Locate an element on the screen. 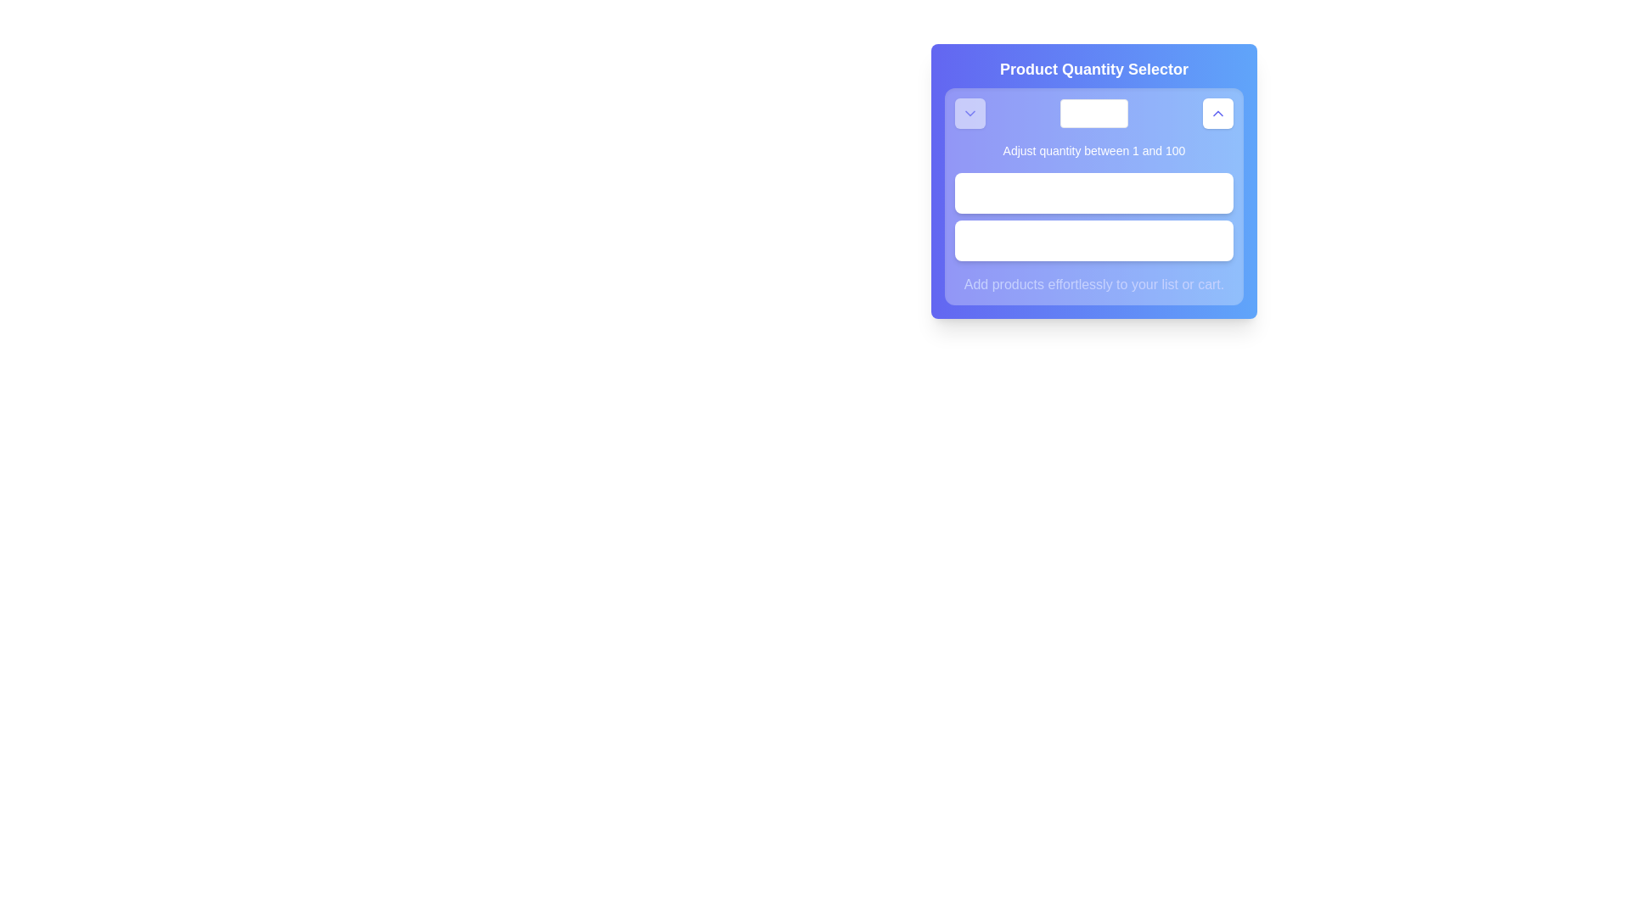  the quantity is located at coordinates (1098, 192).